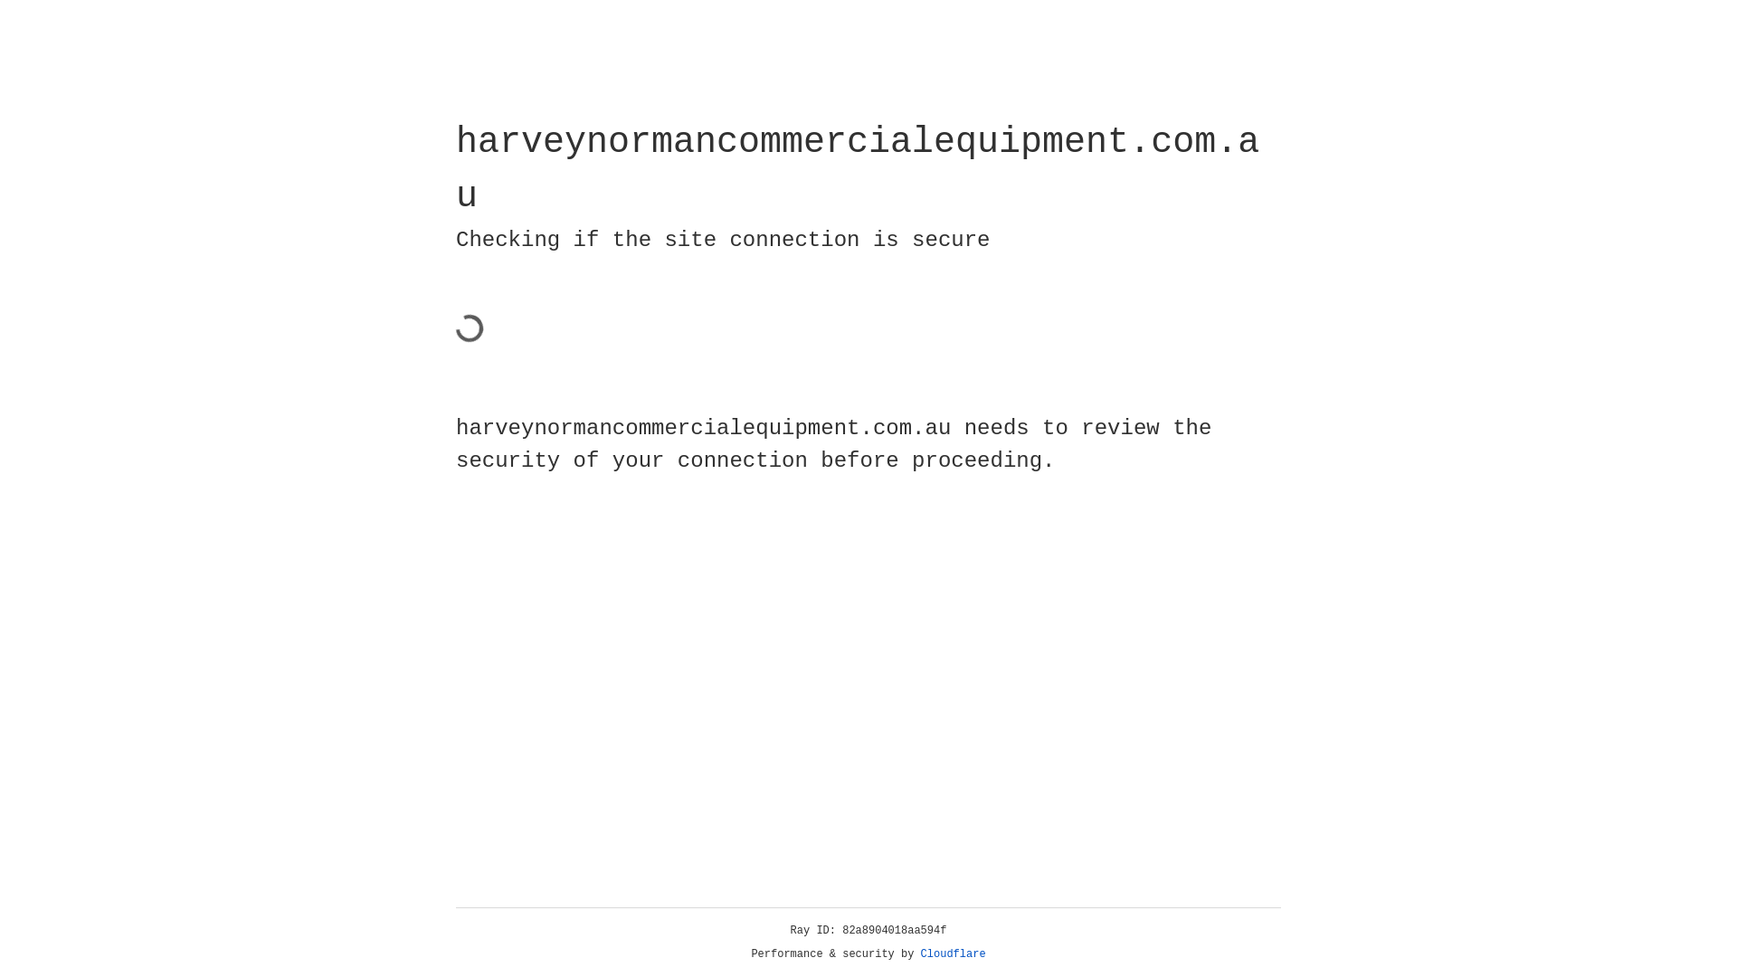 This screenshot has height=977, width=1737. I want to click on 'Cloudflare', so click(953, 953).